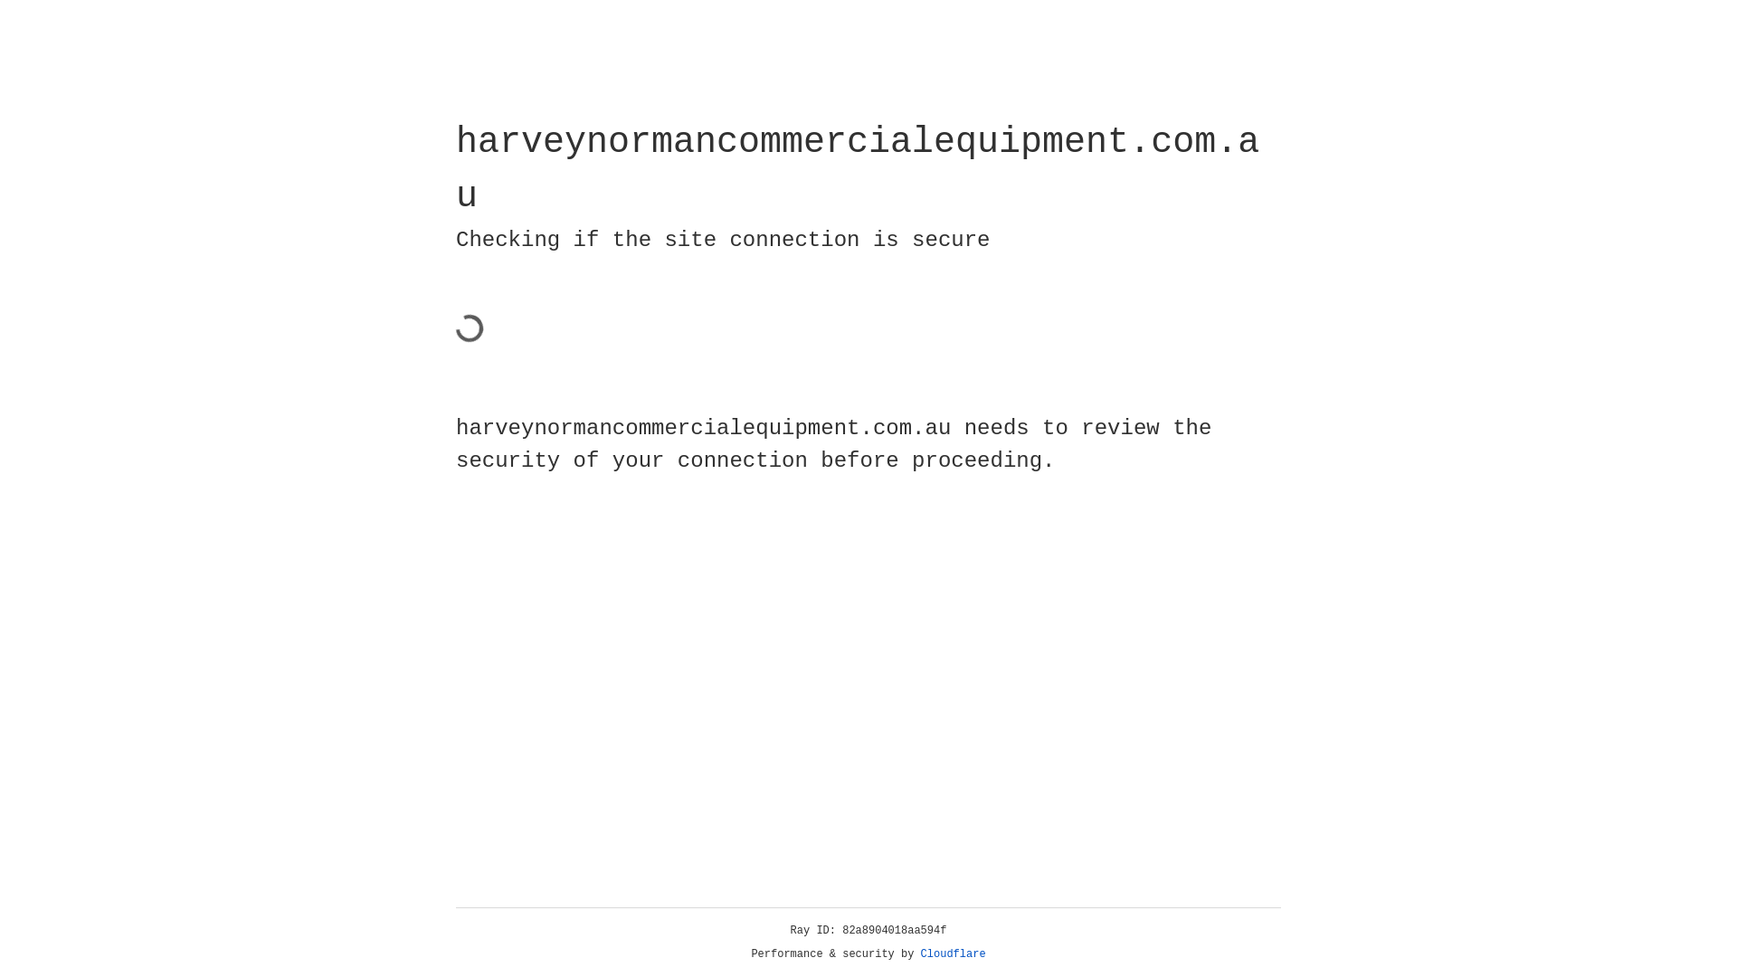 This screenshot has height=977, width=1737. I want to click on 'Cloudflare', so click(953, 953).